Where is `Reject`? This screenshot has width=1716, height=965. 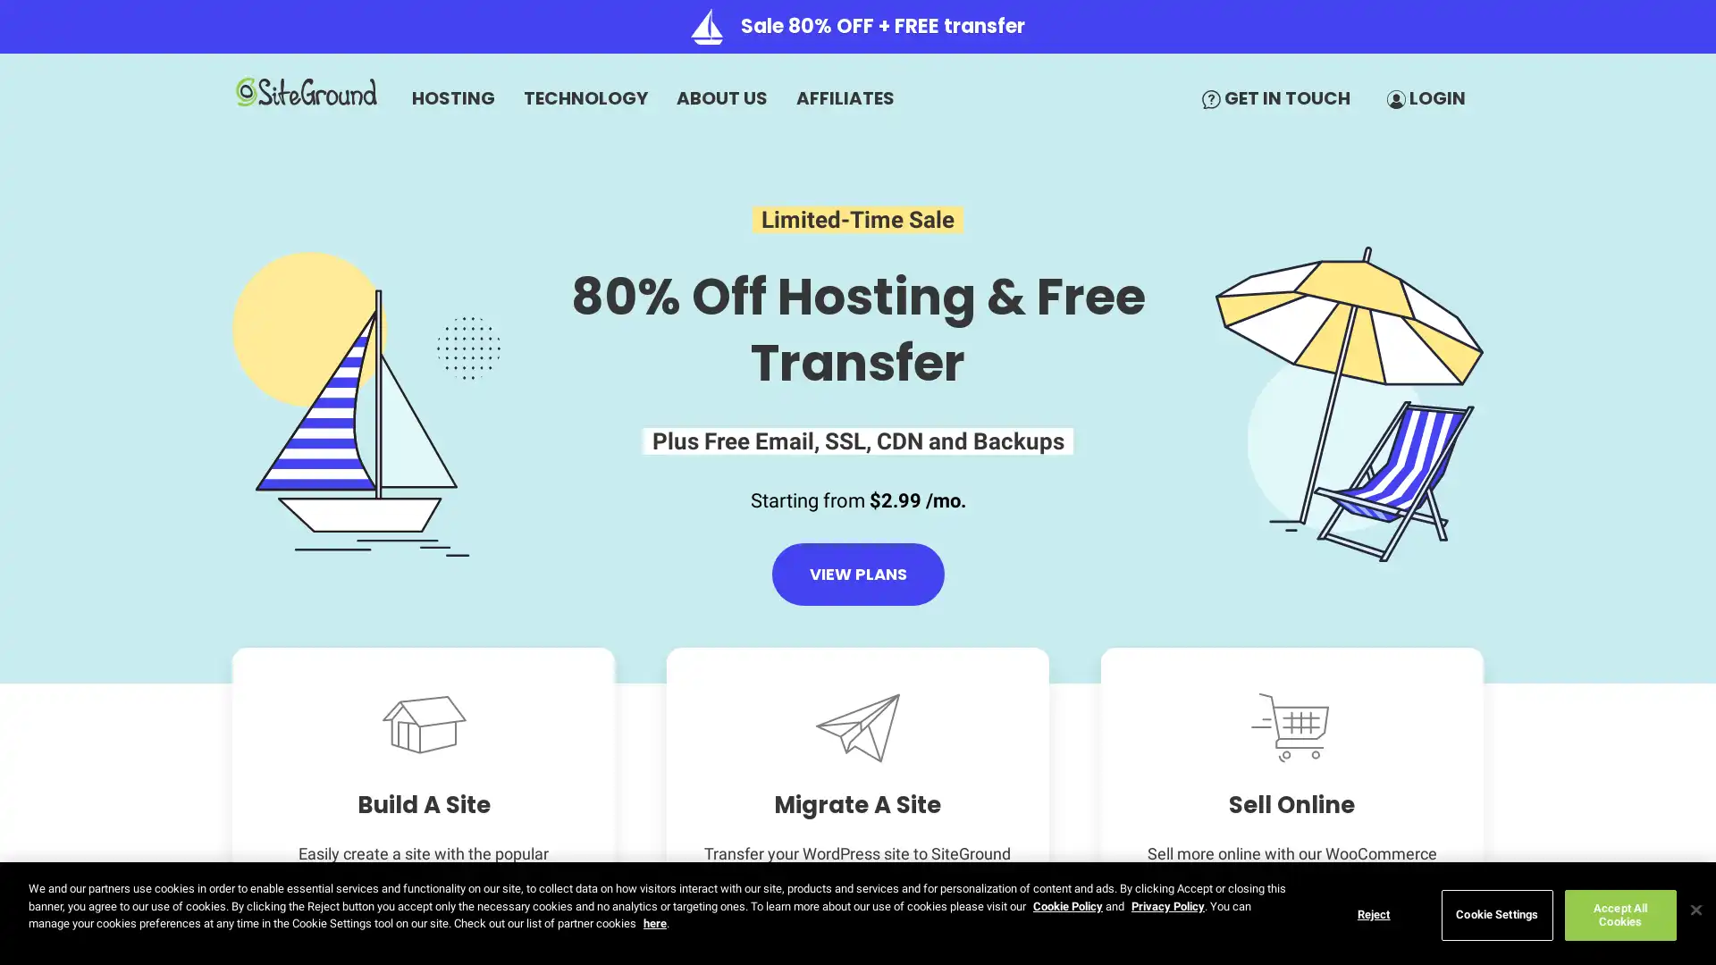
Reject is located at coordinates (1372, 914).